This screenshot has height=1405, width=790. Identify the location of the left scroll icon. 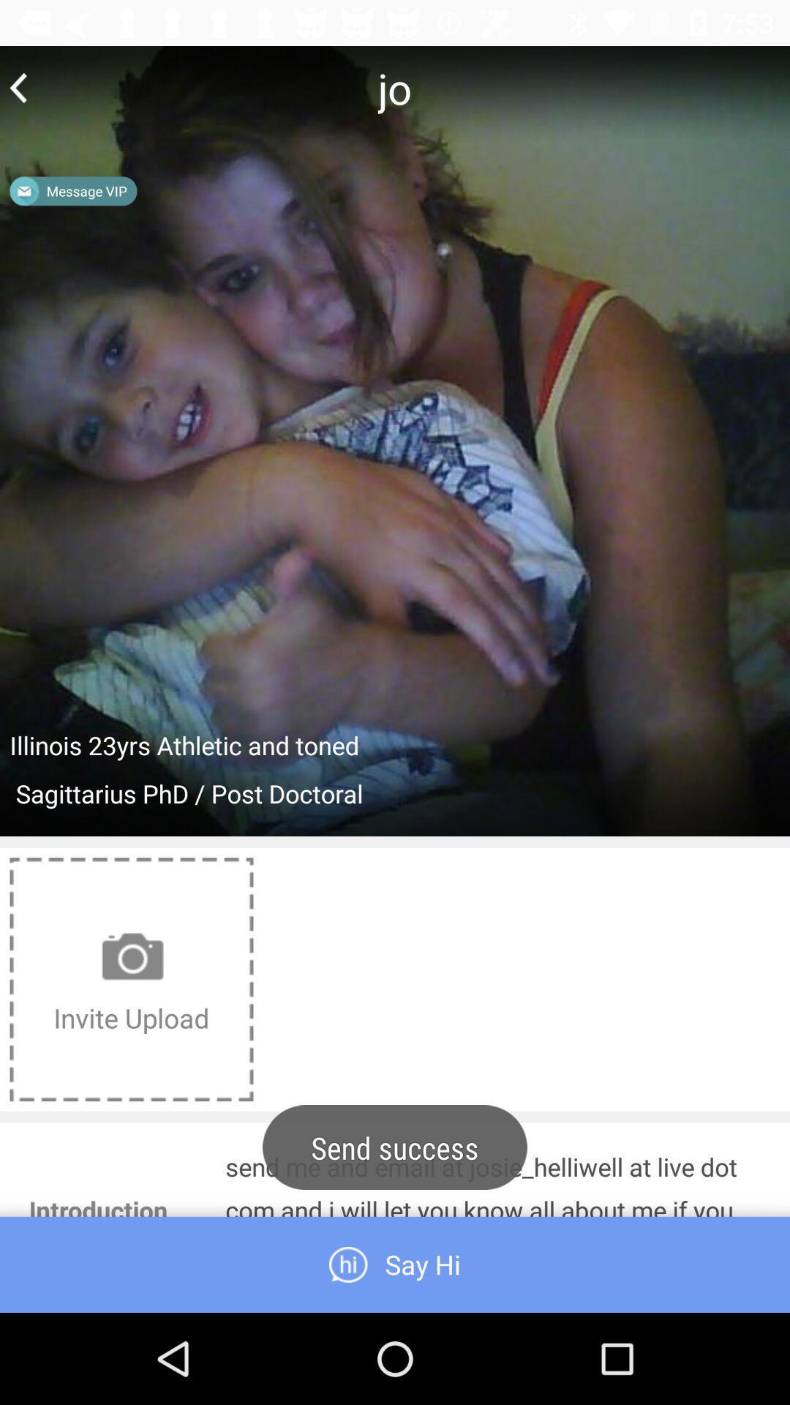
(18, 87).